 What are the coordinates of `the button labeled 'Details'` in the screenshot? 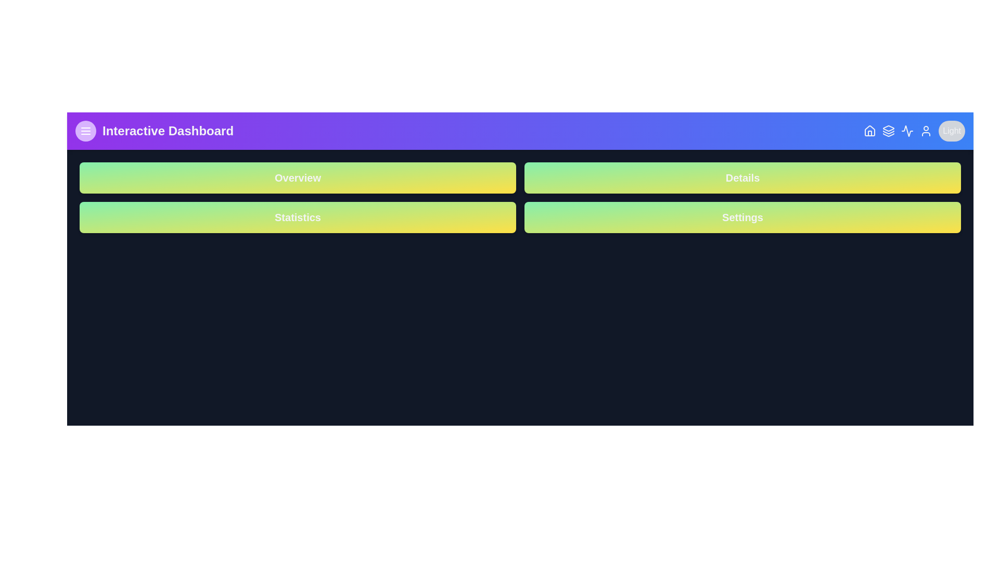 It's located at (742, 177).